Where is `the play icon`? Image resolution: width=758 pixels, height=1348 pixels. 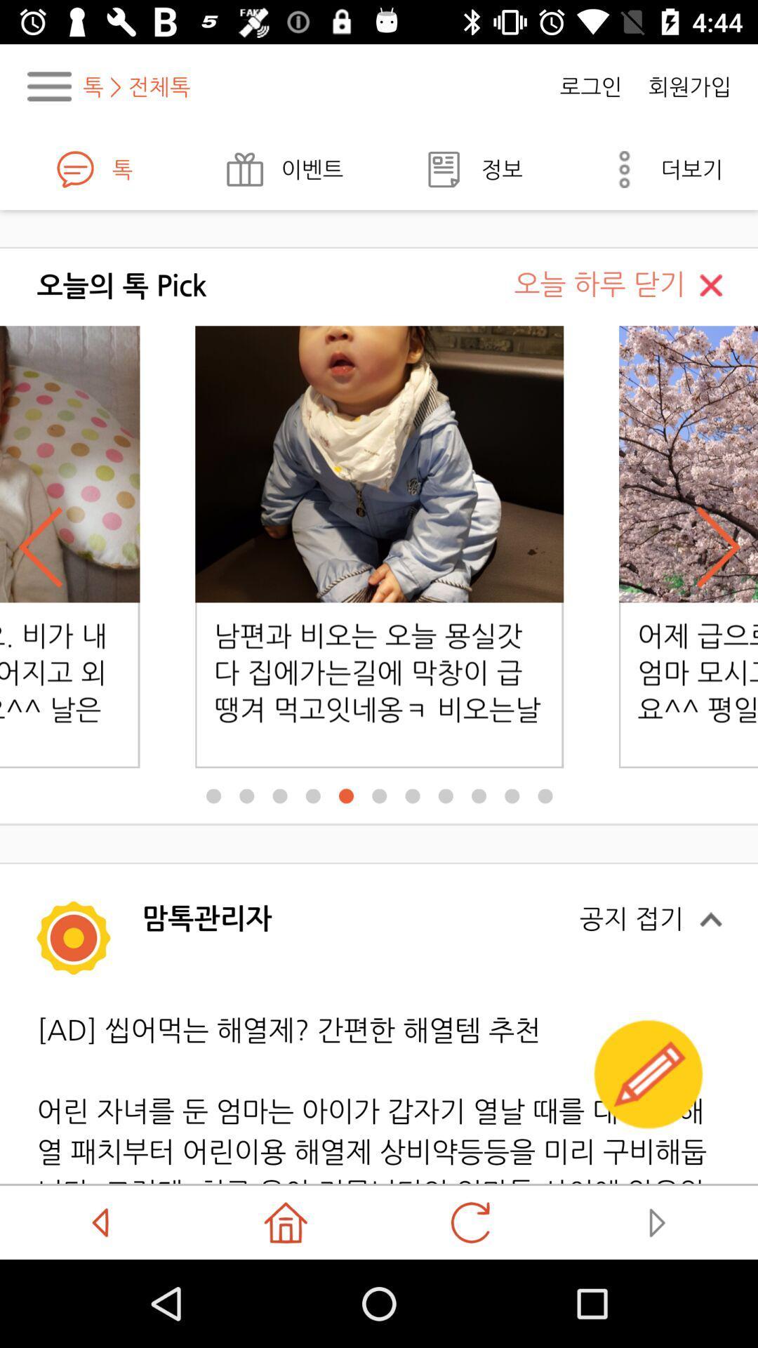 the play icon is located at coordinates (657, 1222).